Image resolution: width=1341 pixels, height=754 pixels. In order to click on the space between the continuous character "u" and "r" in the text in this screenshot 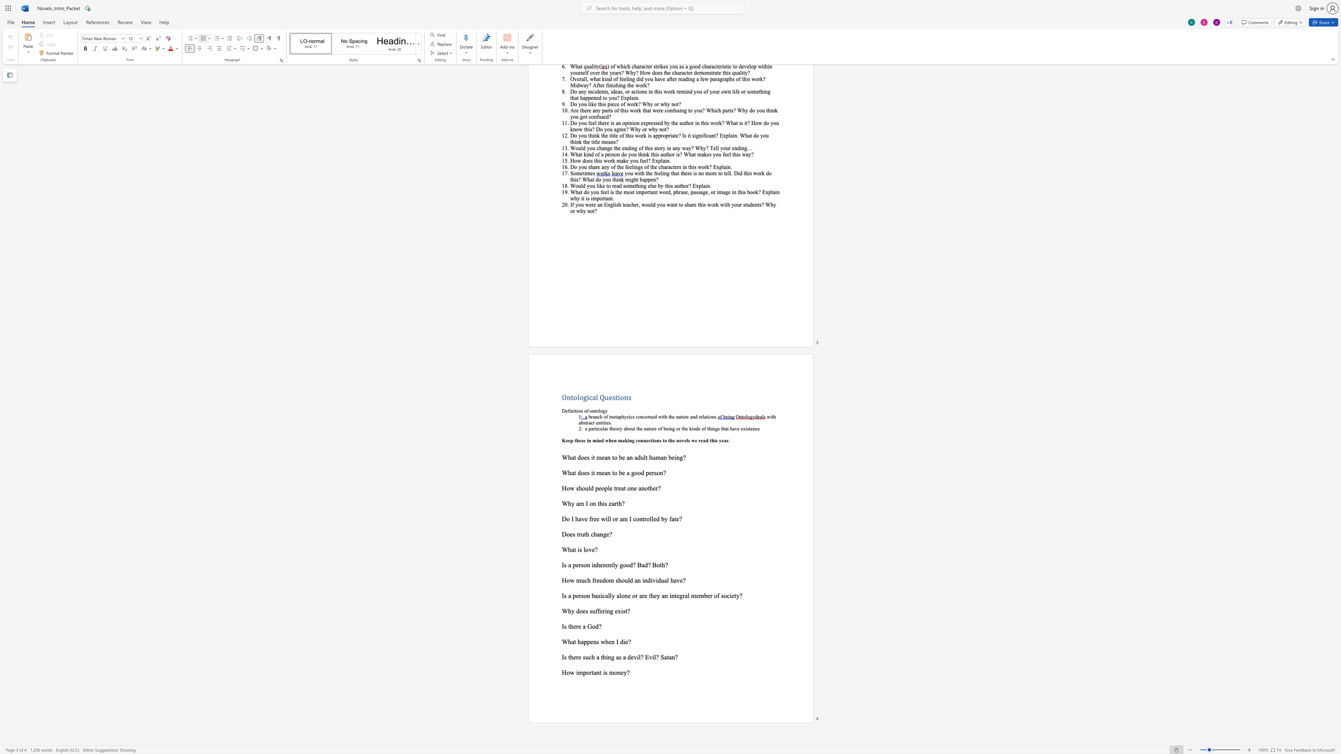, I will do `click(652, 428)`.